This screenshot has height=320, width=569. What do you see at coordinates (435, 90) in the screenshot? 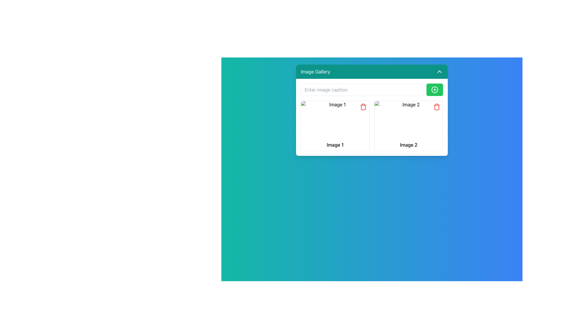
I see `the '+' button located directly to the right of the text input box` at bounding box center [435, 90].